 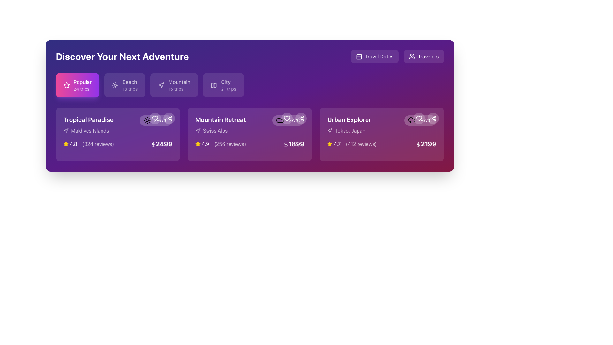 What do you see at coordinates (155, 118) in the screenshot?
I see `the hollow heart icon positioned above the price value in the first card ('Tropical Paradise')` at bounding box center [155, 118].